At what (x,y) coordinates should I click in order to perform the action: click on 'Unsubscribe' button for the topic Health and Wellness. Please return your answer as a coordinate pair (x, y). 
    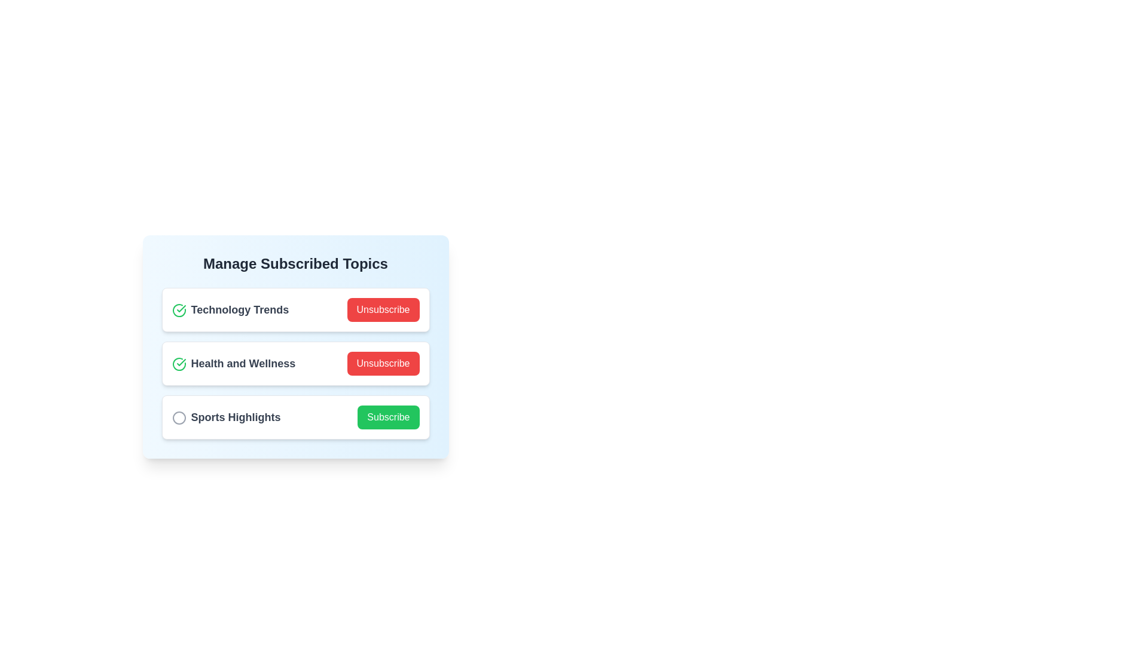
    Looking at the image, I should click on (383, 363).